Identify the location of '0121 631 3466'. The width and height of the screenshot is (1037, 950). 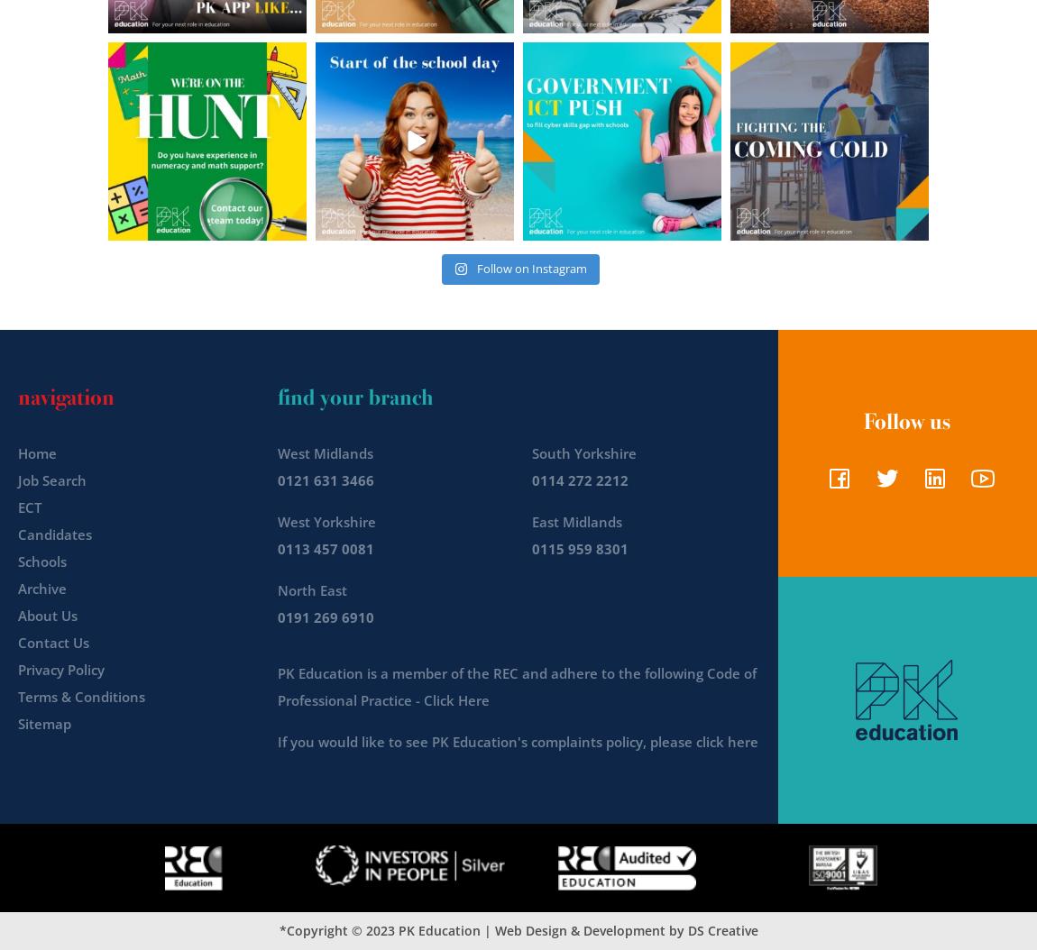
(277, 479).